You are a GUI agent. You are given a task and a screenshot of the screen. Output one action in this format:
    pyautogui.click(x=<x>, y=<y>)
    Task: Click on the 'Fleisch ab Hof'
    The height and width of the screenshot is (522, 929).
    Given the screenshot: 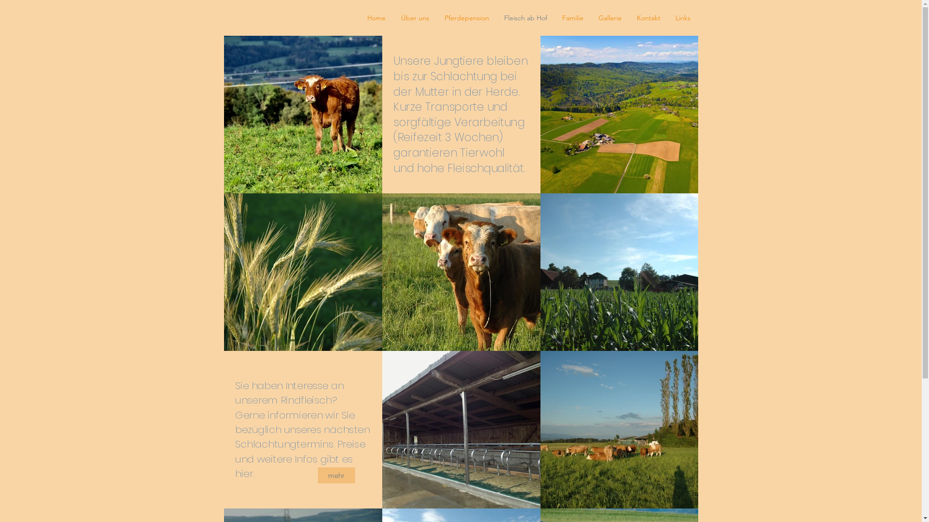 What is the action you would take?
    pyautogui.click(x=524, y=18)
    